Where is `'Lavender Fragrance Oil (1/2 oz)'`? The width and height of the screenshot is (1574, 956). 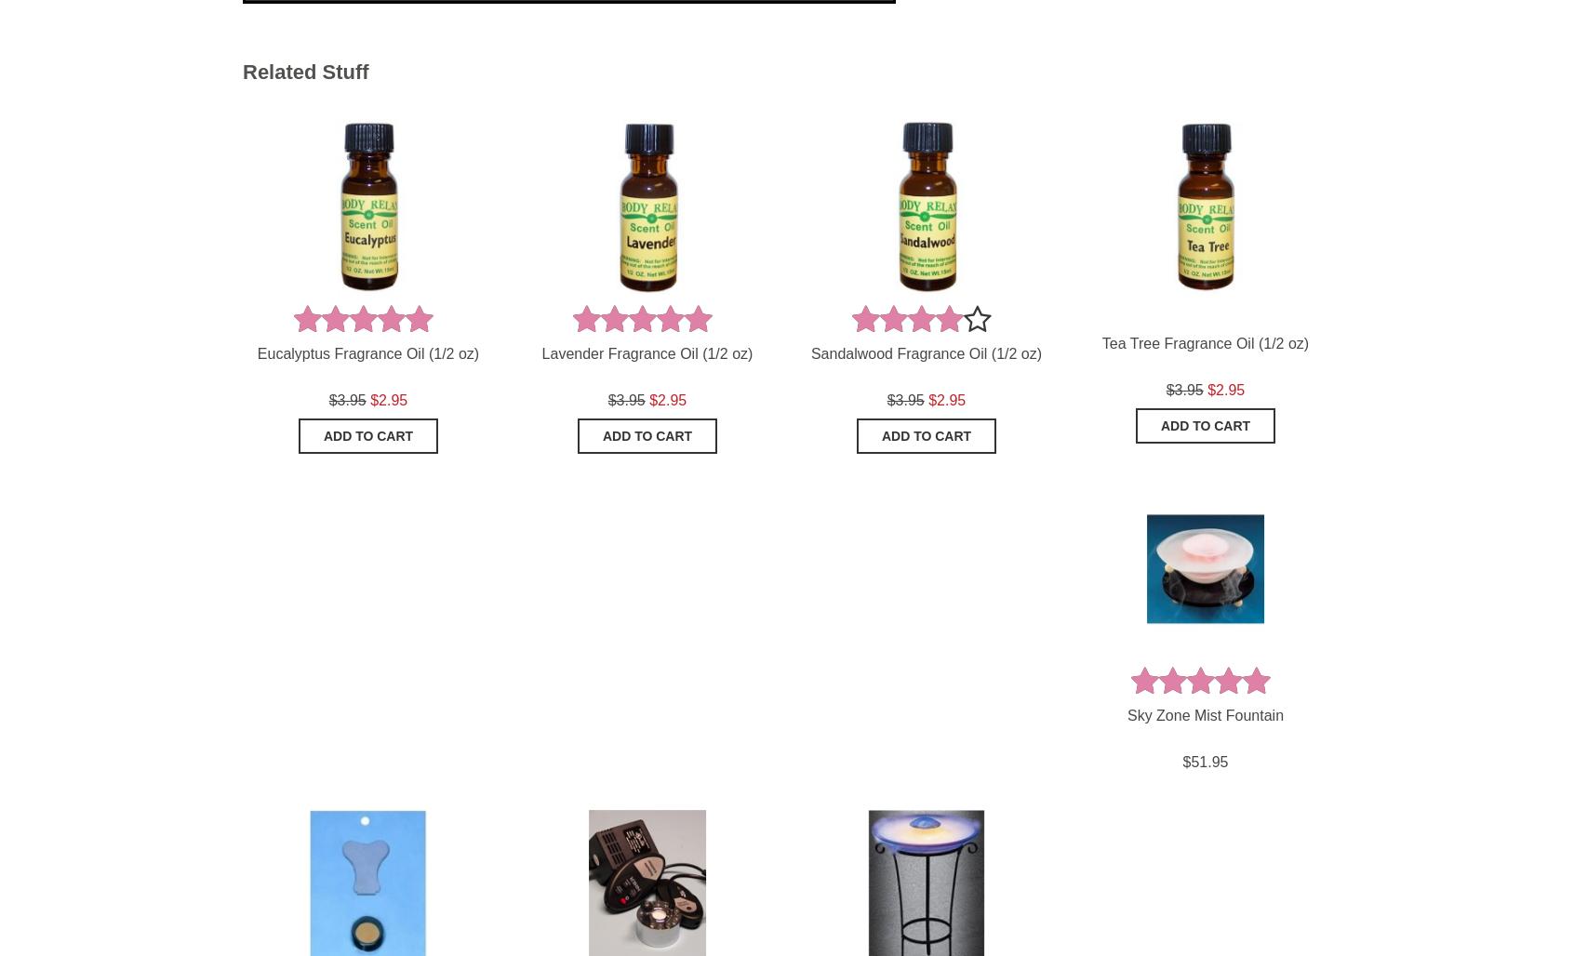 'Lavender Fragrance Oil (1/2 oz)' is located at coordinates (540, 352).